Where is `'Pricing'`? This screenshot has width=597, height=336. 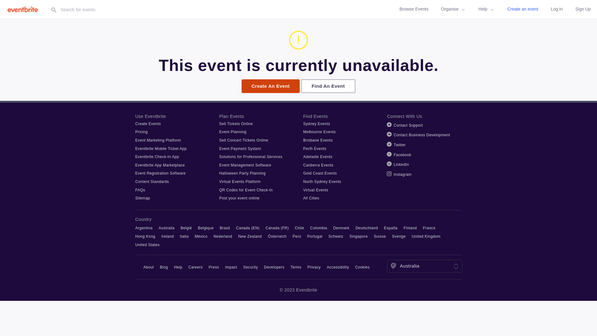 'Pricing' is located at coordinates (141, 132).